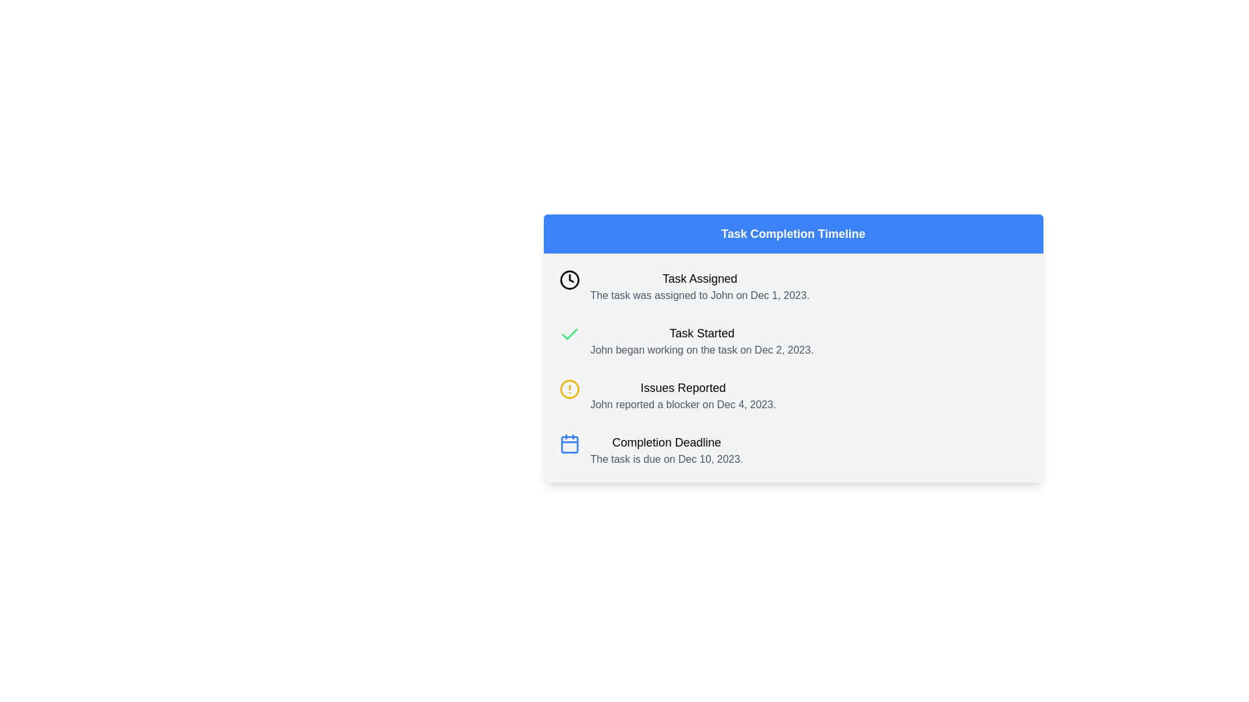 Image resolution: width=1249 pixels, height=702 pixels. Describe the element at coordinates (569, 444) in the screenshot. I see `the graphic rectangle that serves as the background area within the calendar icon, which is the last icon on the right in the vertical list of four timeline items for the 'Completion Deadline' section` at that location.